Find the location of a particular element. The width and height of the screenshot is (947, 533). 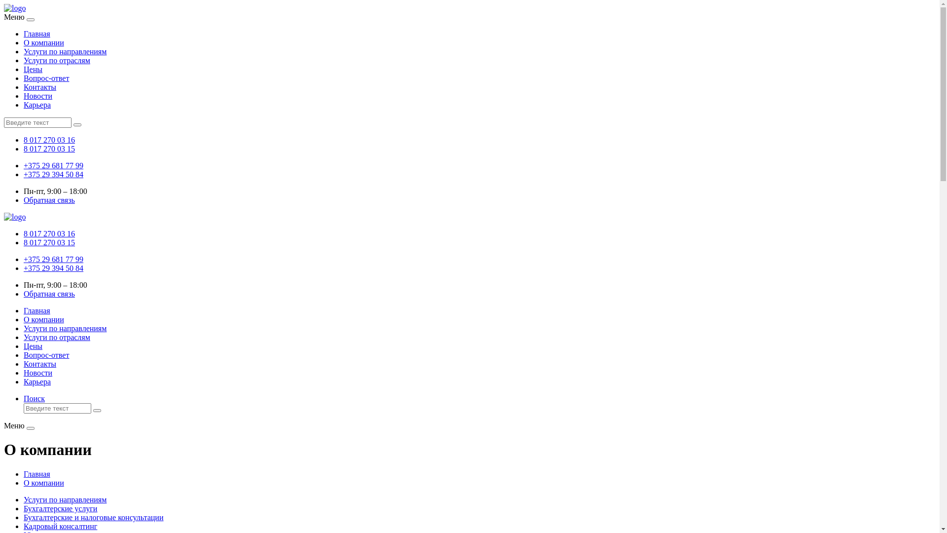

'logo' is located at coordinates (14, 216).